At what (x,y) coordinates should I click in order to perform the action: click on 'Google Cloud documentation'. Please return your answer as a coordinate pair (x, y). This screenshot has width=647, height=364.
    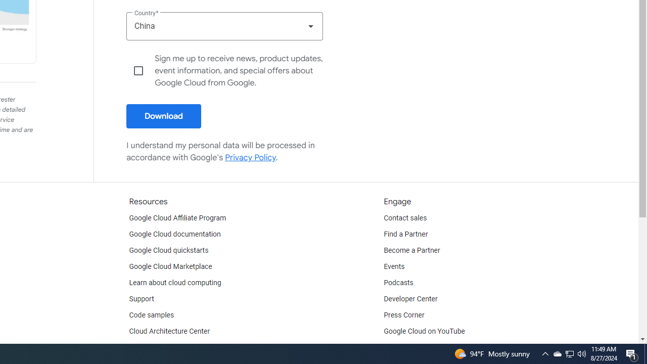
    Looking at the image, I should click on (174, 235).